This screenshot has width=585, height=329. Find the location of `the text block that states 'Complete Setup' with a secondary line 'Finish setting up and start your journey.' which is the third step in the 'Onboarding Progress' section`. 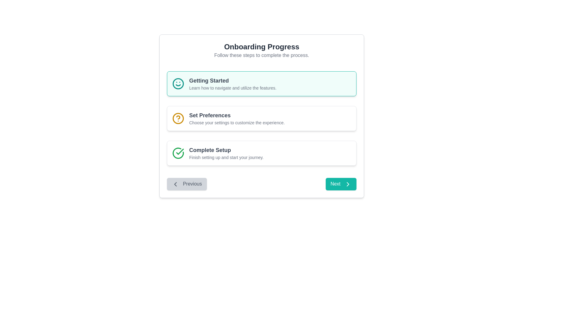

the text block that states 'Complete Setup' with a secondary line 'Finish setting up and start your journey.' which is the third step in the 'Onboarding Progress' section is located at coordinates (226, 153).